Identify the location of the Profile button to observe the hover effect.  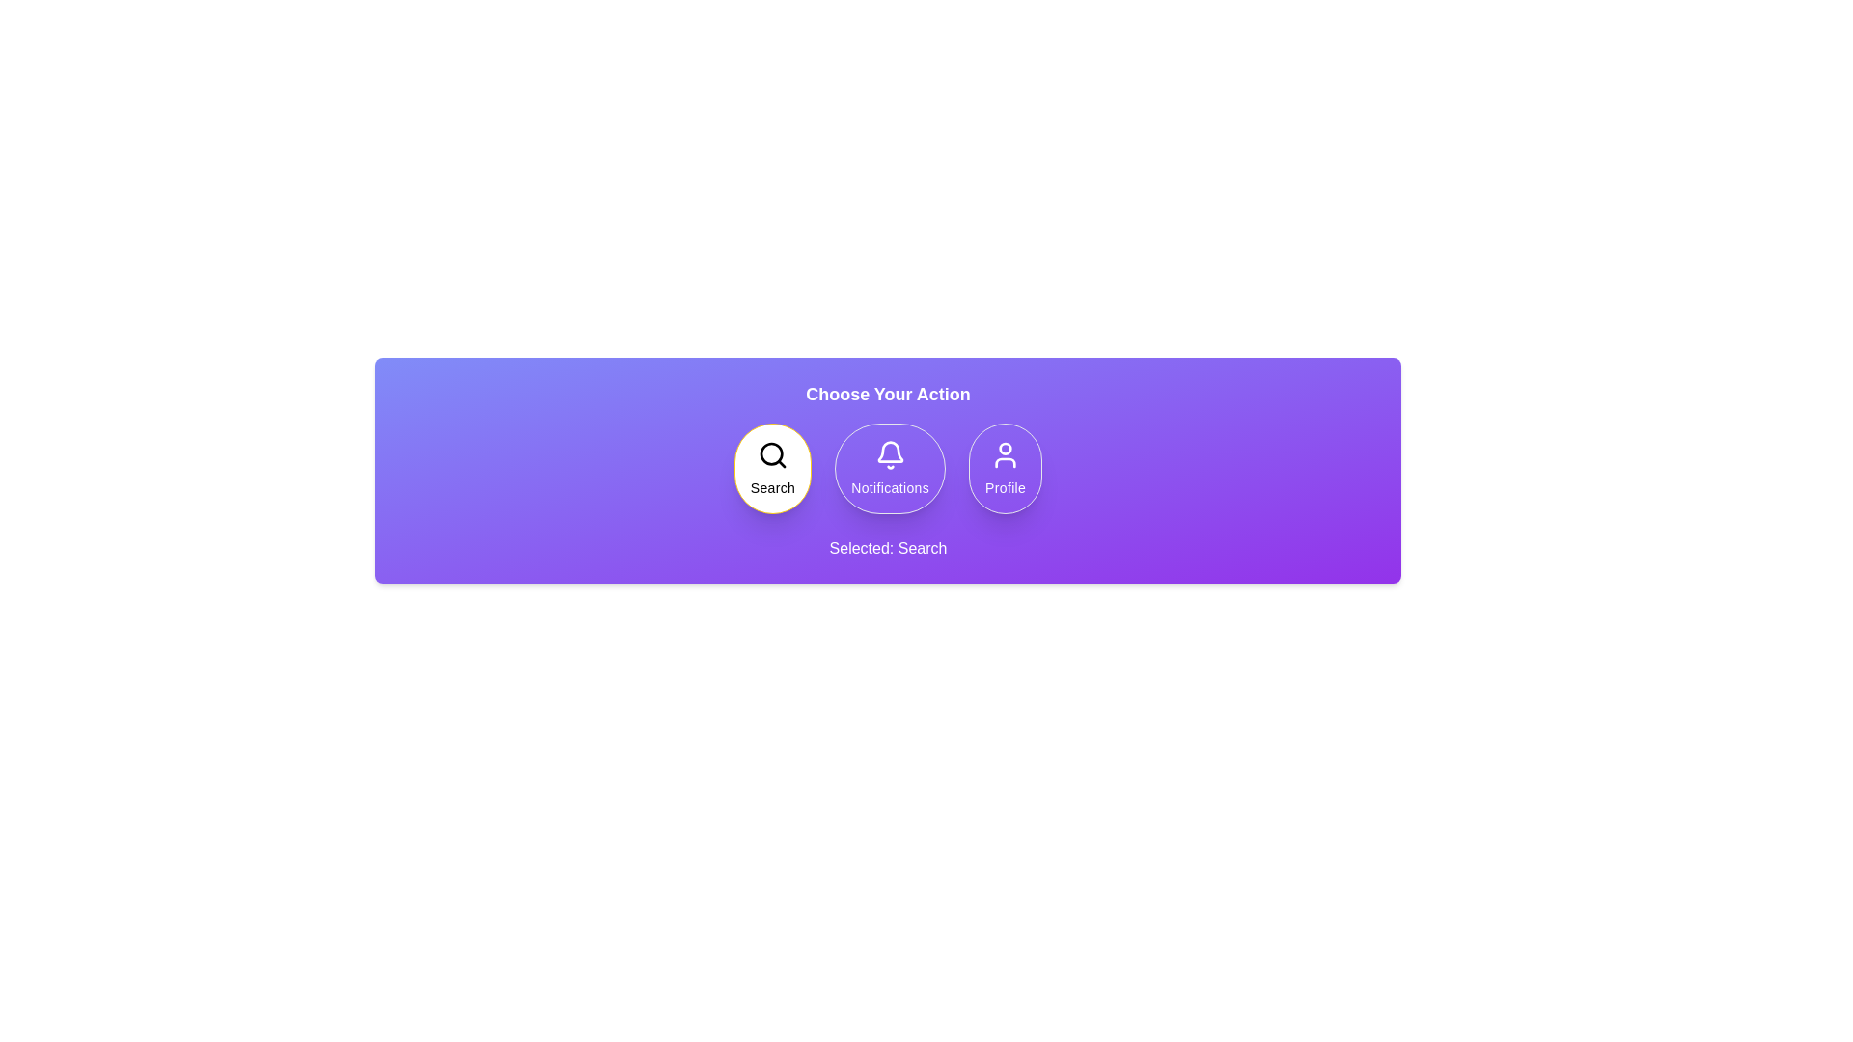
(1004, 469).